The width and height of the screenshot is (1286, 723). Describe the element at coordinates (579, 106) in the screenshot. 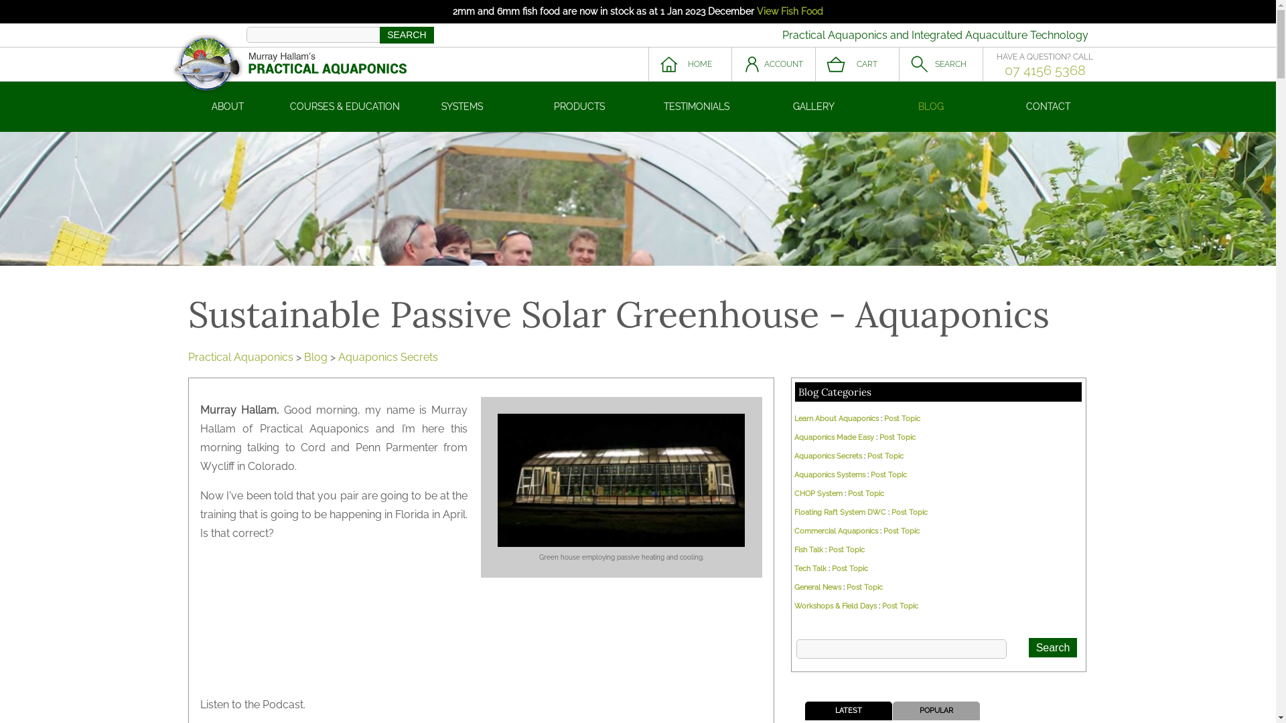

I see `'PRODUCTS'` at that location.